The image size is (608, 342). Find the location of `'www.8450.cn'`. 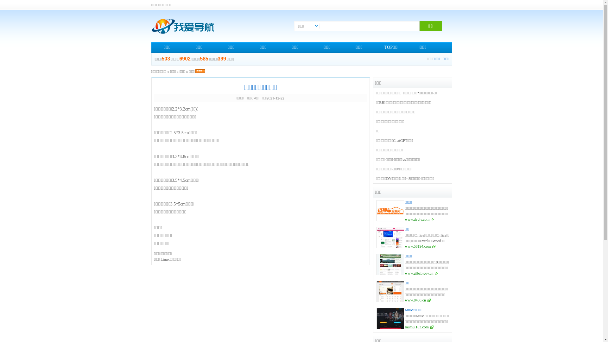

'www.8450.cn' is located at coordinates (418, 300).